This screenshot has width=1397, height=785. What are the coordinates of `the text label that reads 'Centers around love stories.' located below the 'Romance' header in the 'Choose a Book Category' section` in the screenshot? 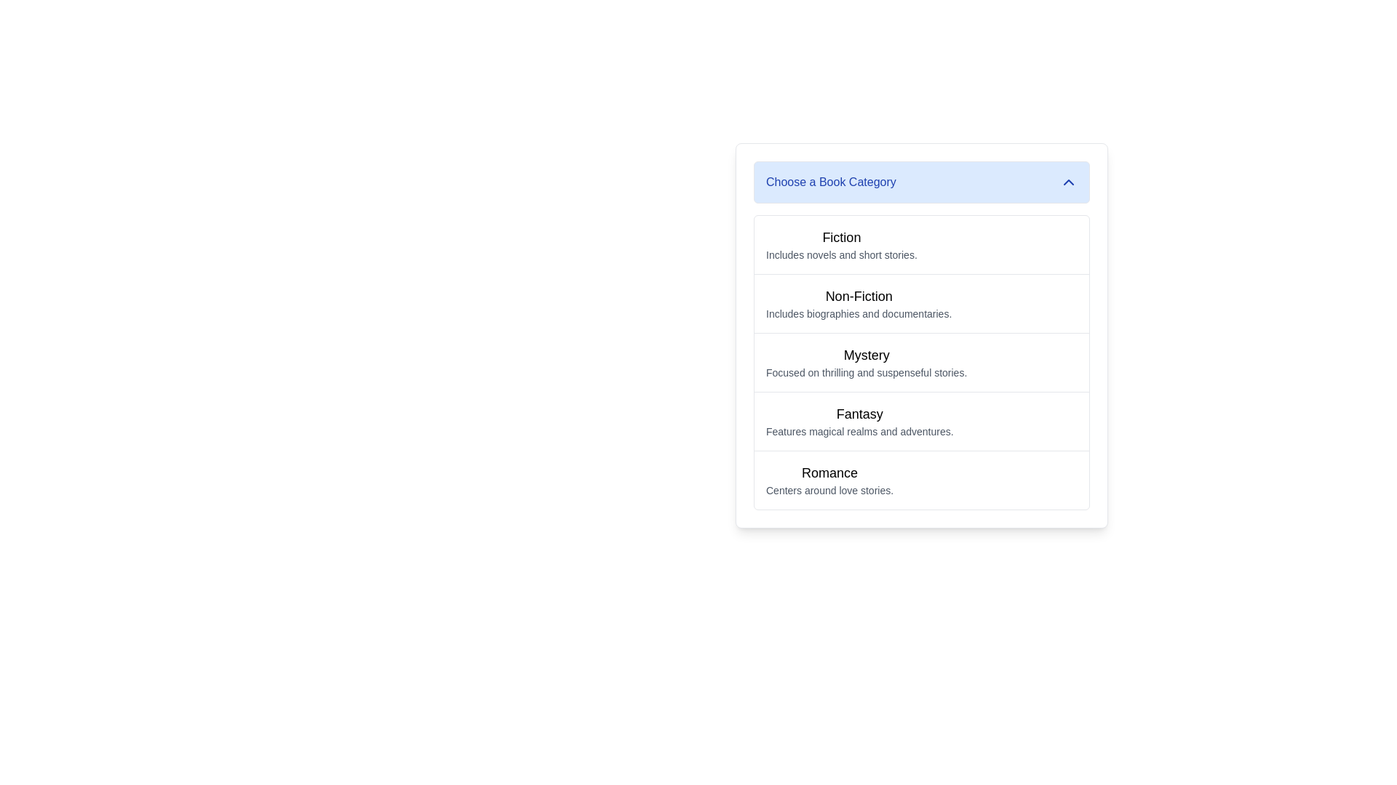 It's located at (829, 491).